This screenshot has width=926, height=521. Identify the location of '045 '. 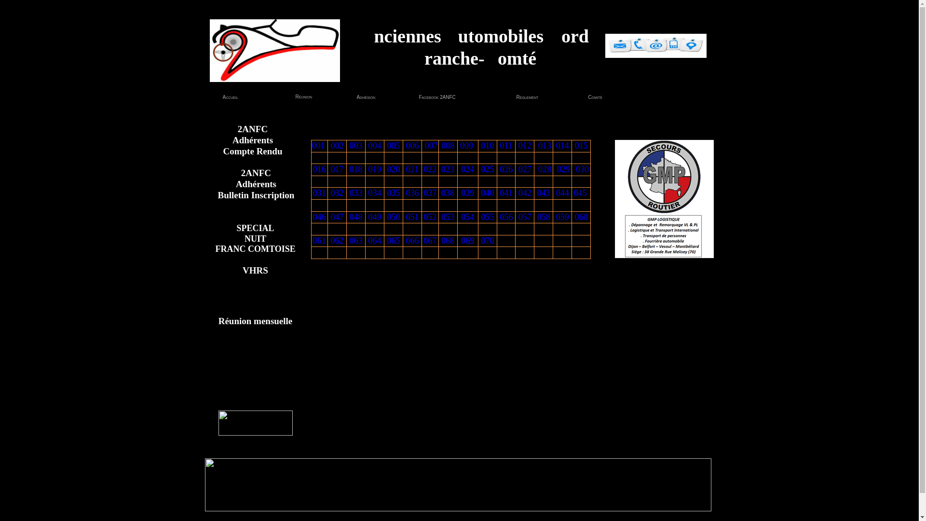
(574, 193).